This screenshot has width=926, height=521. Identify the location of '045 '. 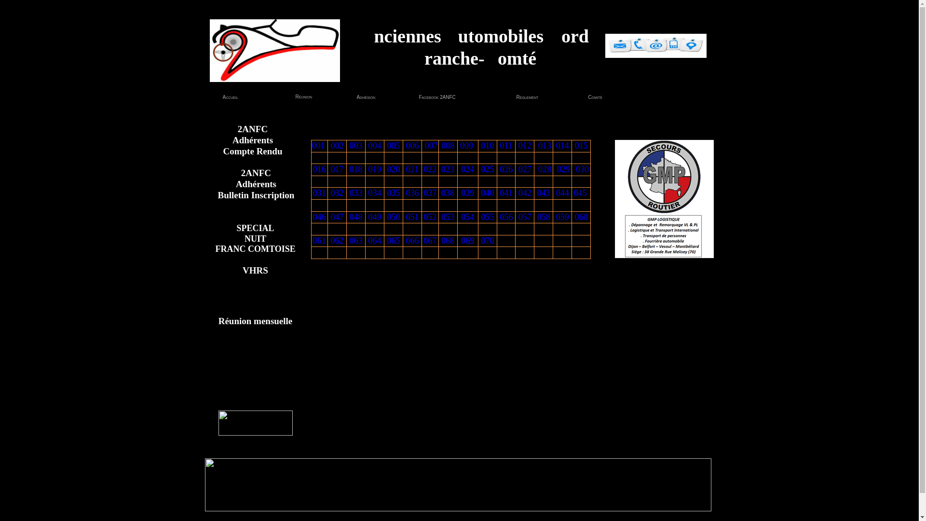
(574, 193).